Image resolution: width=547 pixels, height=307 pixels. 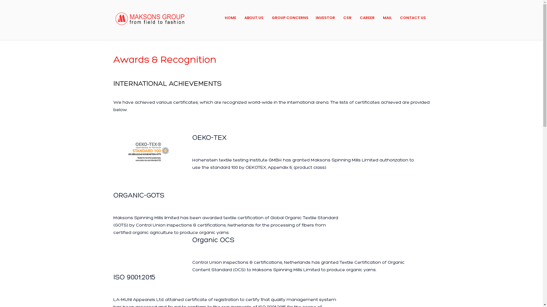 What do you see at coordinates (224, 17) in the screenshot?
I see `'HOME'` at bounding box center [224, 17].